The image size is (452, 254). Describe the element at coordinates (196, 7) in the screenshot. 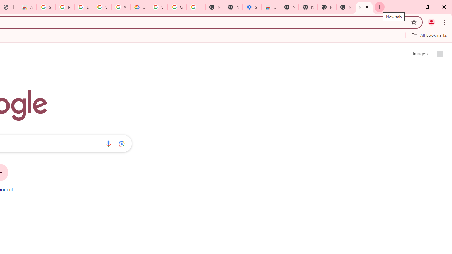

I see `'Turn cookies on or off - Computer - Google Account Help'` at that location.